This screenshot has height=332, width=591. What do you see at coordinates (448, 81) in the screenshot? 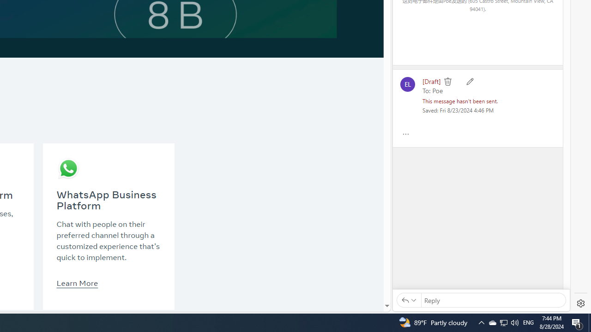
I see `'Delete'` at bounding box center [448, 81].